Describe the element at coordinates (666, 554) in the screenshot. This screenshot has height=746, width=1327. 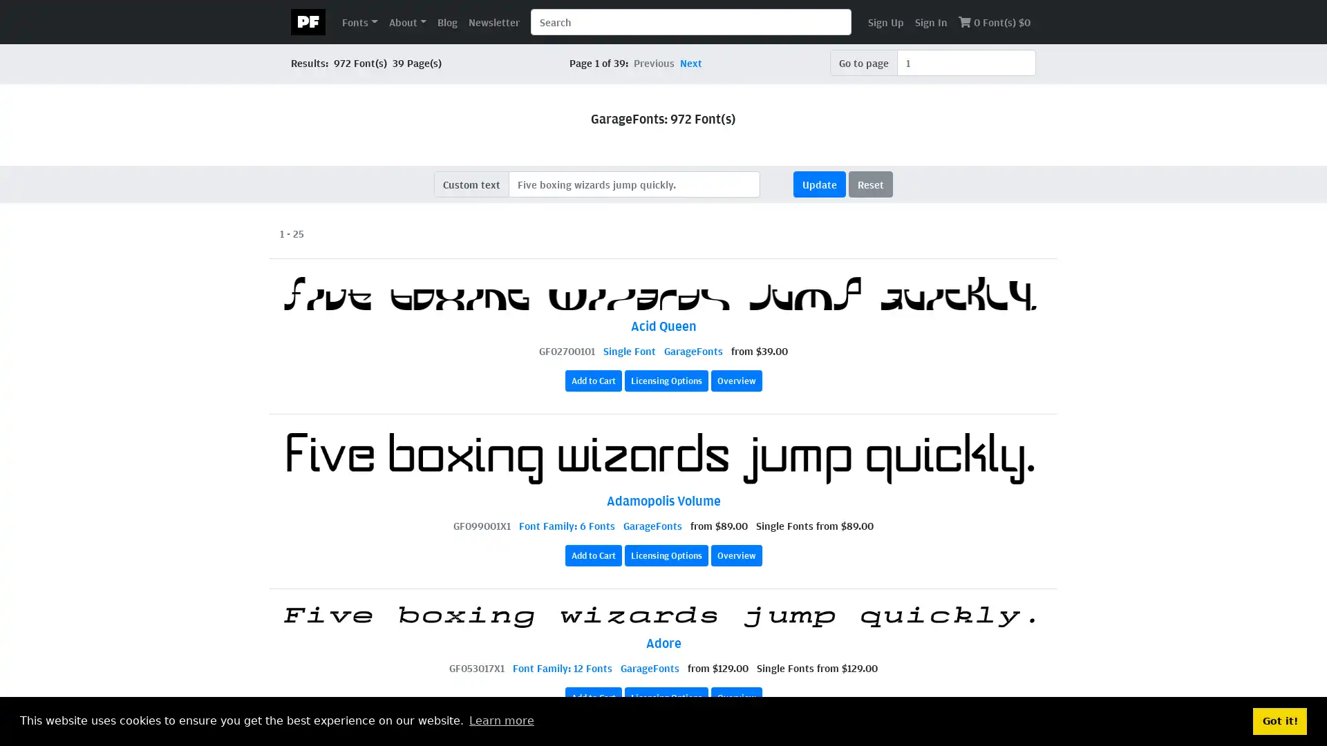
I see `Licensing Options` at that location.